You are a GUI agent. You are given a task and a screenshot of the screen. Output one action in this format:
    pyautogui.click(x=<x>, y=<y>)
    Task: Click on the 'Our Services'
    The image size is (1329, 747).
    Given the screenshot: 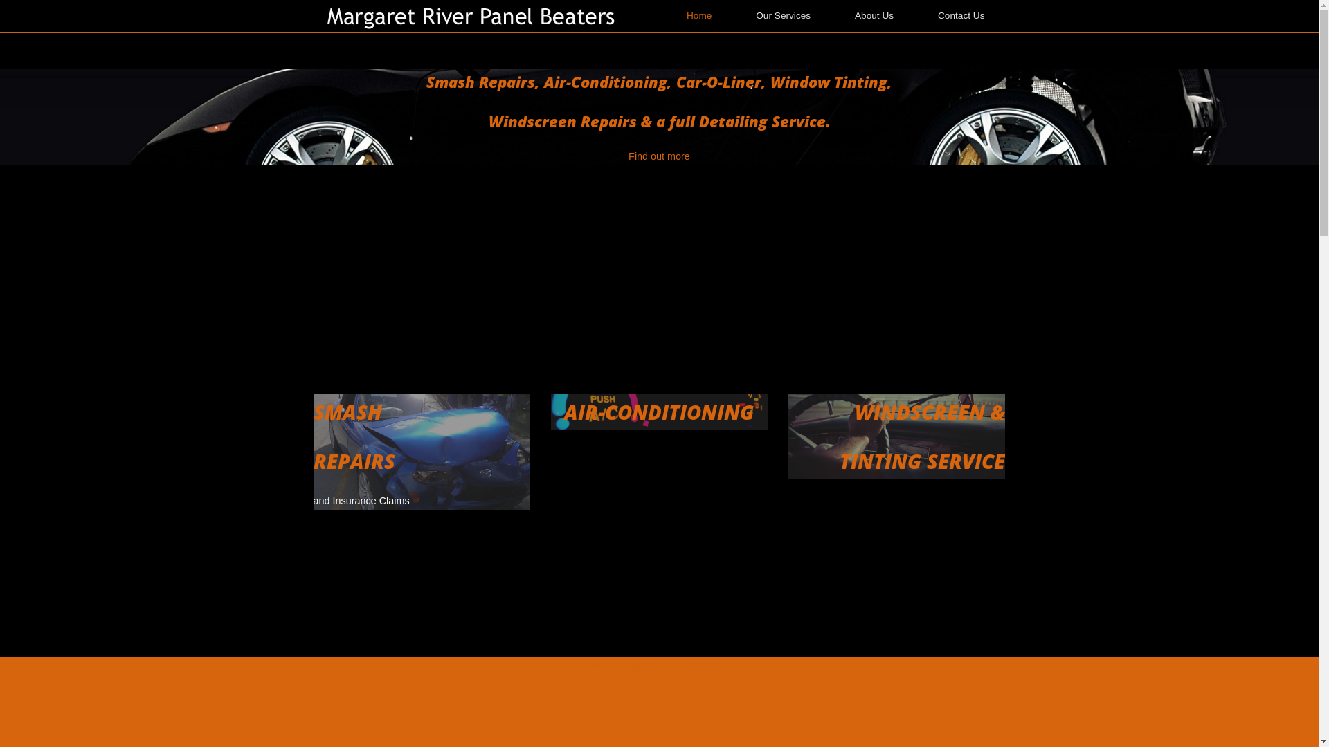 What is the action you would take?
    pyautogui.click(x=783, y=16)
    